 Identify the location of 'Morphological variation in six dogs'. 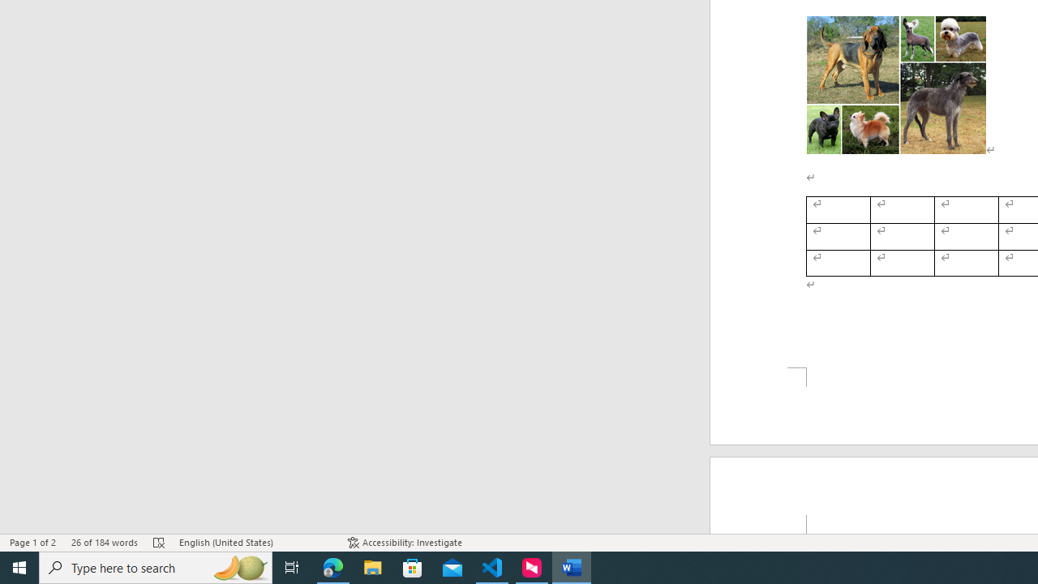
(895, 85).